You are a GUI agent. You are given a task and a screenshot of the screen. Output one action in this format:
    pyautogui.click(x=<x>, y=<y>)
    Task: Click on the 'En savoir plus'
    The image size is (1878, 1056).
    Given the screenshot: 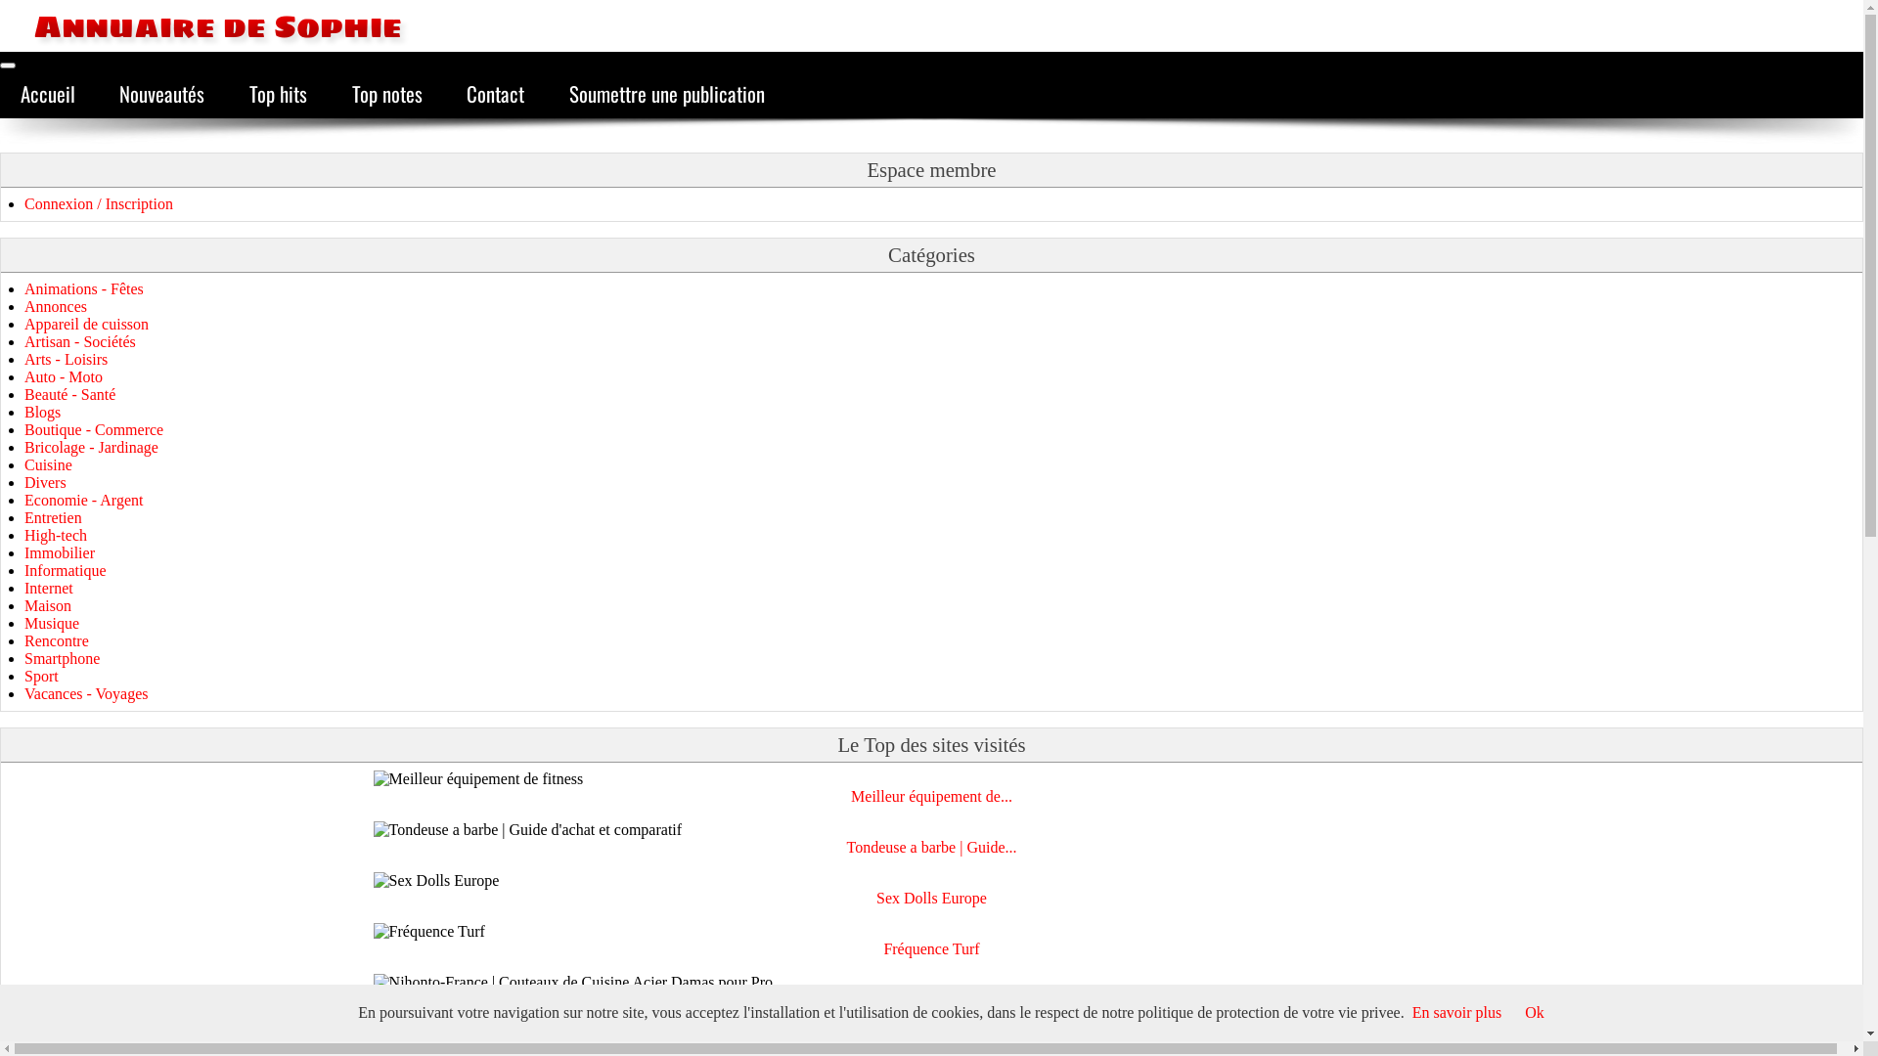 What is the action you would take?
    pyautogui.click(x=1456, y=1012)
    